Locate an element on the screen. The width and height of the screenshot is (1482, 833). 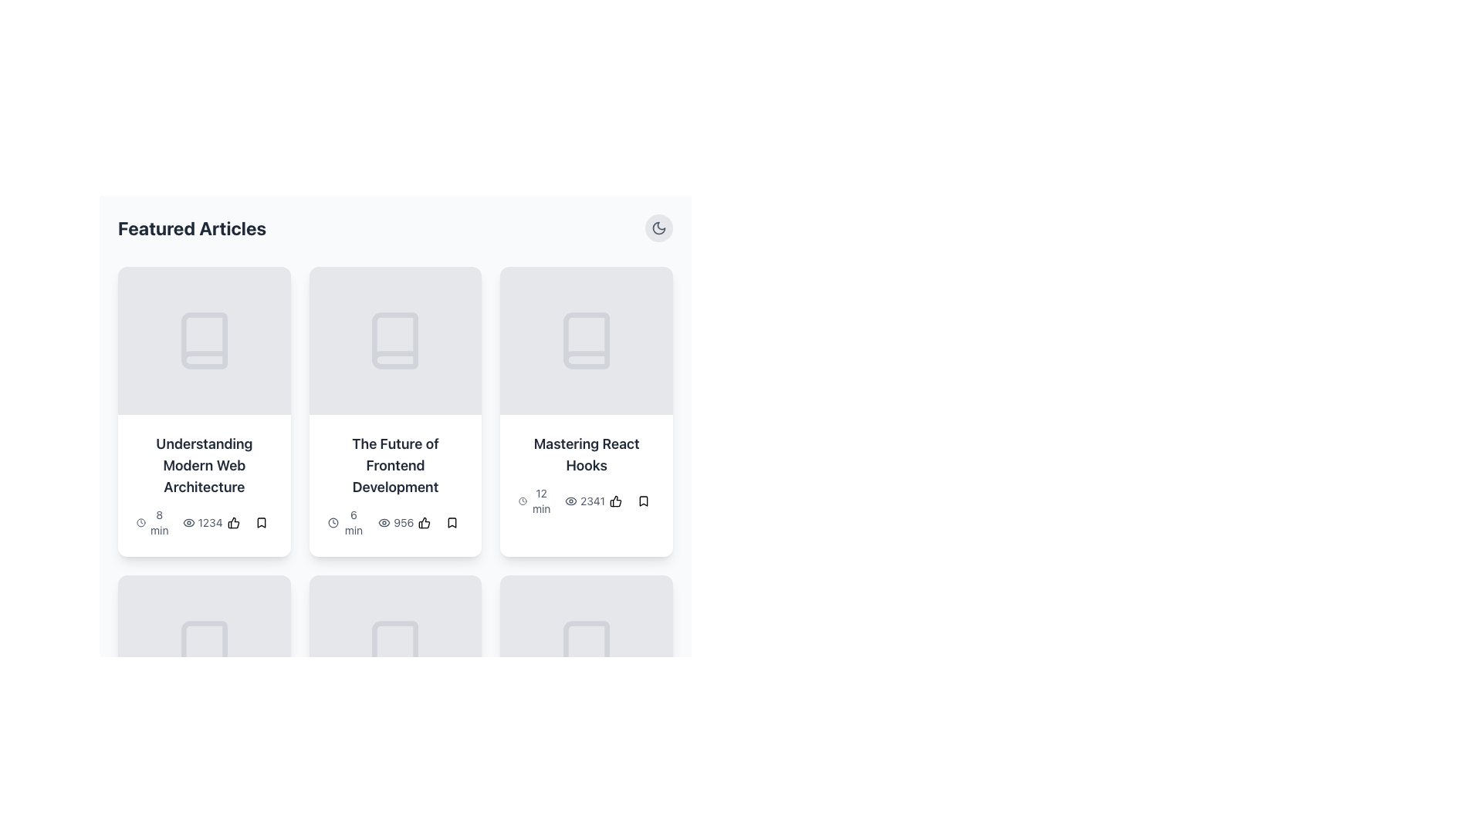
the bookmark button, which is the second button of its type to the right of a thumbs-up button is located at coordinates (261, 808).